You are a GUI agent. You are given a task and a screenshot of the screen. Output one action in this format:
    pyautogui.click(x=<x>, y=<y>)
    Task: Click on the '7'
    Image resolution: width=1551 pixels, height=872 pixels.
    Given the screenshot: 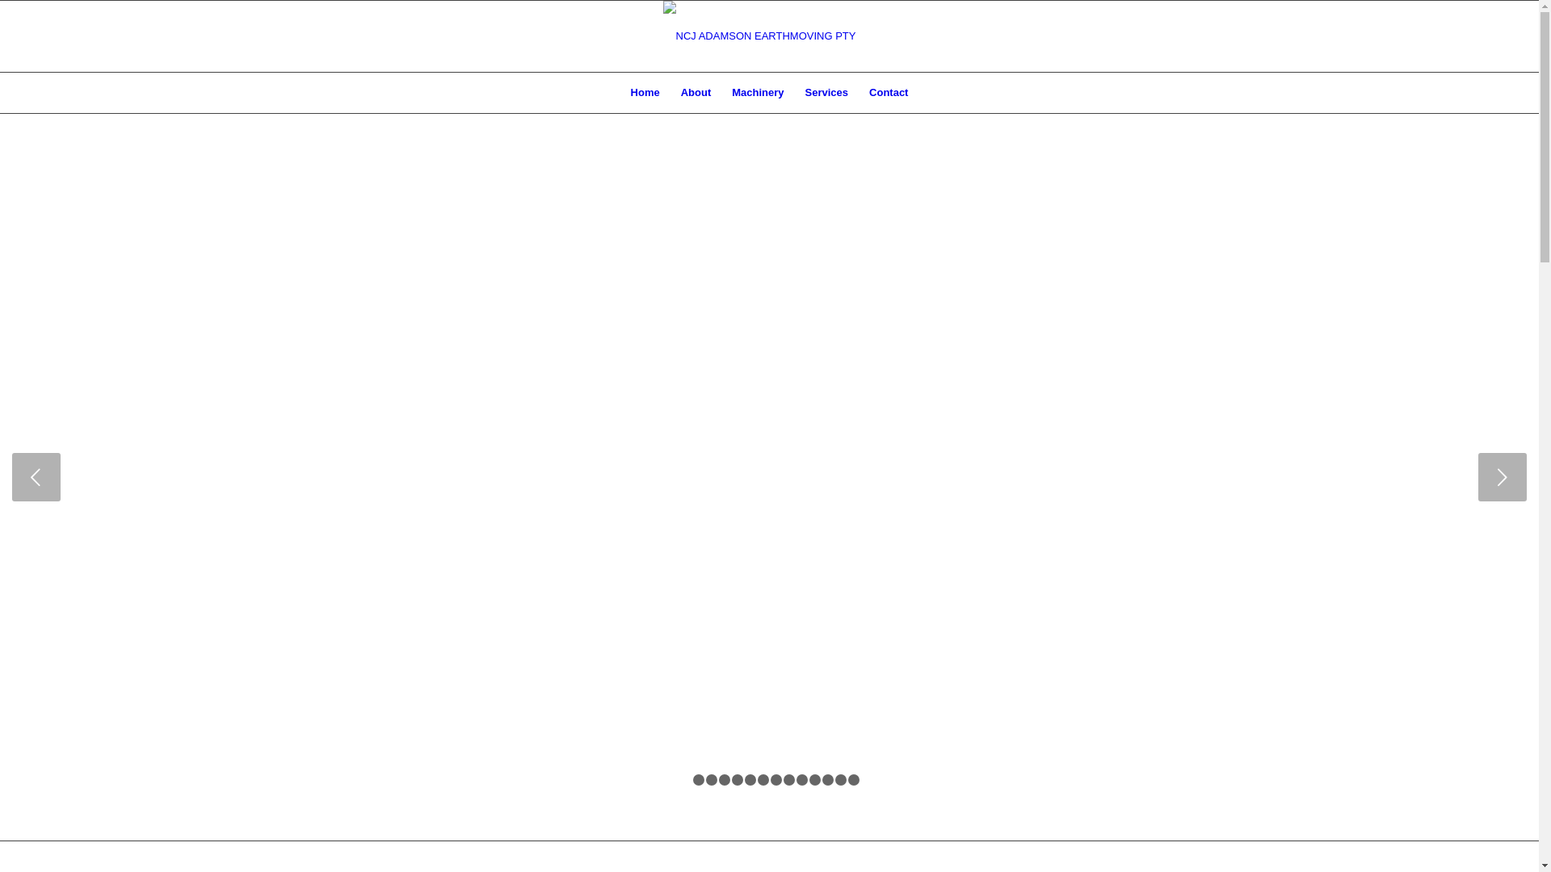 What is the action you would take?
    pyautogui.click(x=756, y=778)
    